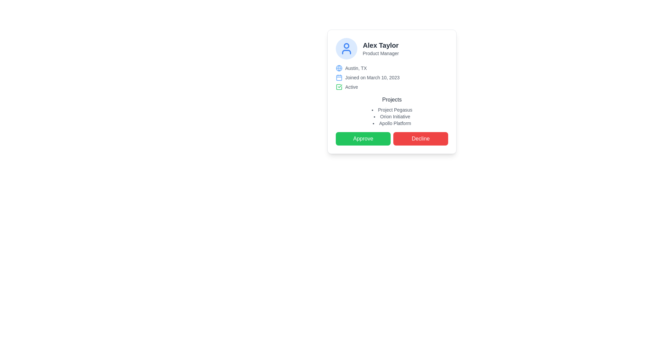 Image resolution: width=646 pixels, height=363 pixels. I want to click on the text label displaying 'Active' in a small, gray-colored font, which is positioned to the right of a green checkmark icon within a card layout, so click(351, 86).